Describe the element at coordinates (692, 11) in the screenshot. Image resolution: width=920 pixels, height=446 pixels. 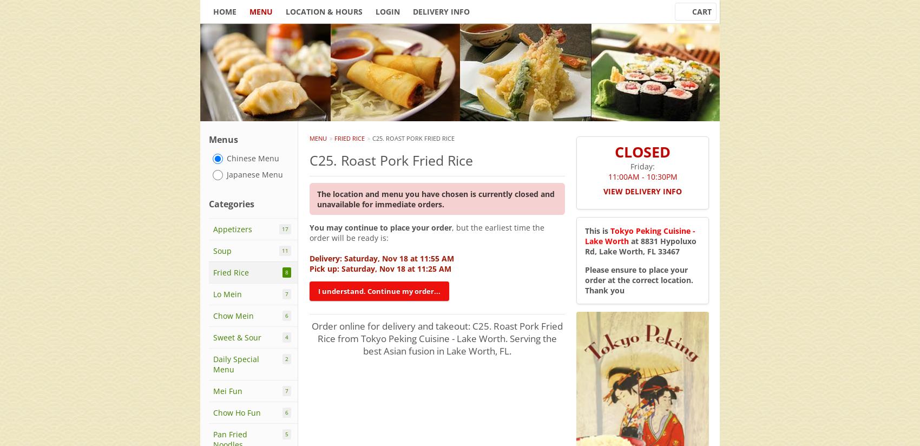
I see `'Cart'` at that location.